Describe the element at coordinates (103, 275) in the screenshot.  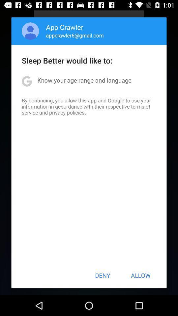
I see `deny` at that location.